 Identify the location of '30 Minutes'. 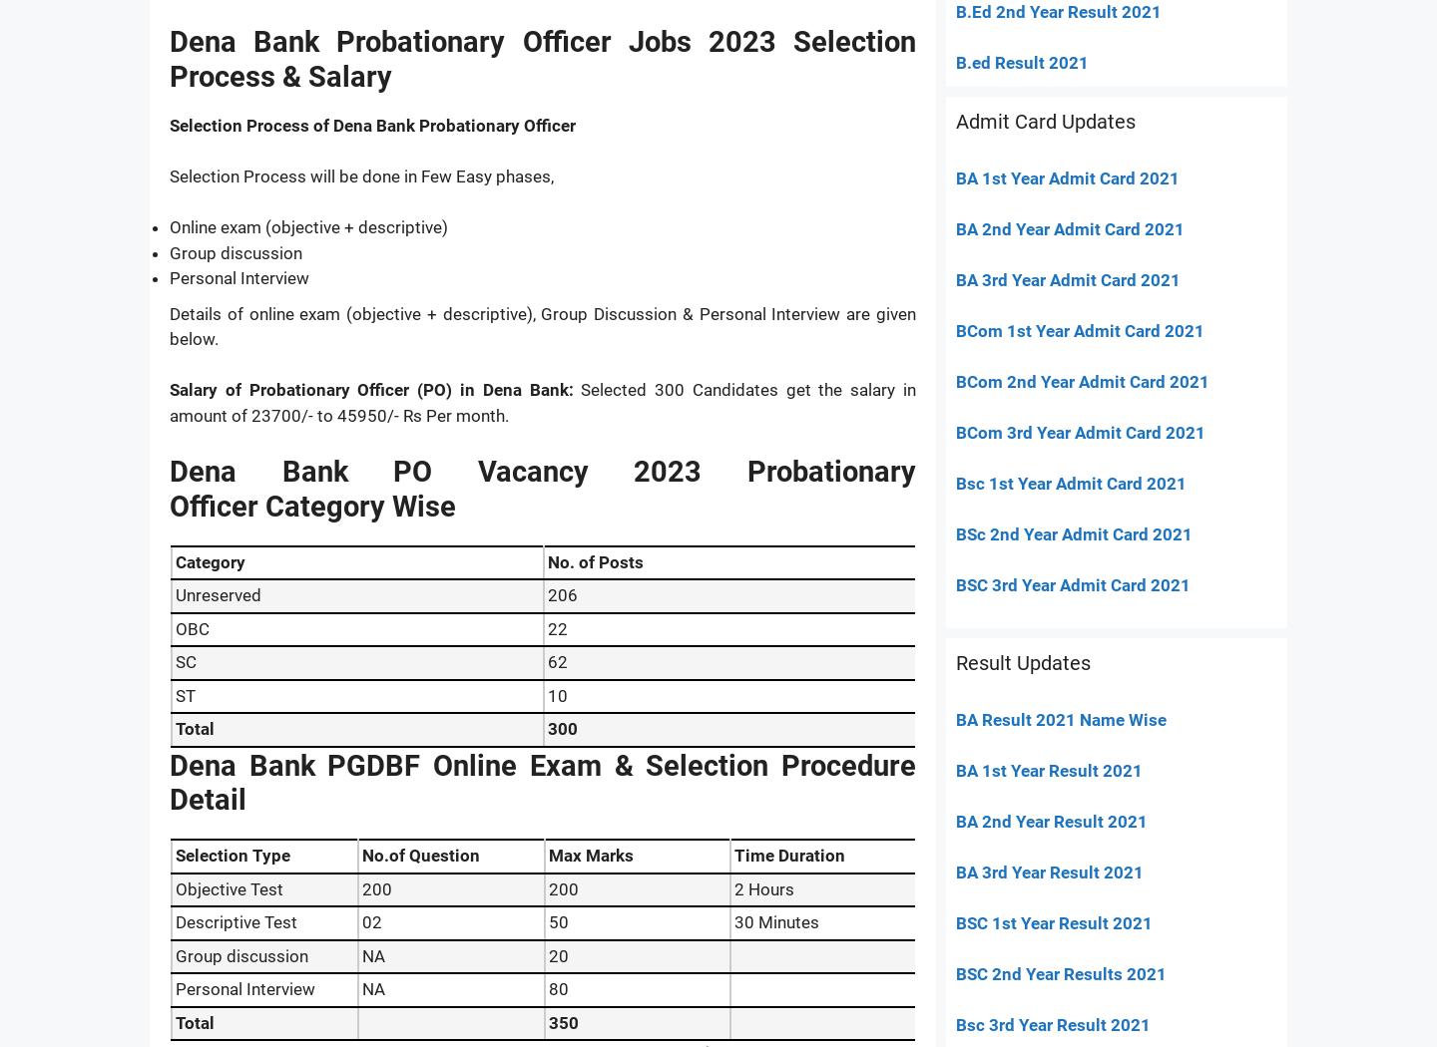
(774, 922).